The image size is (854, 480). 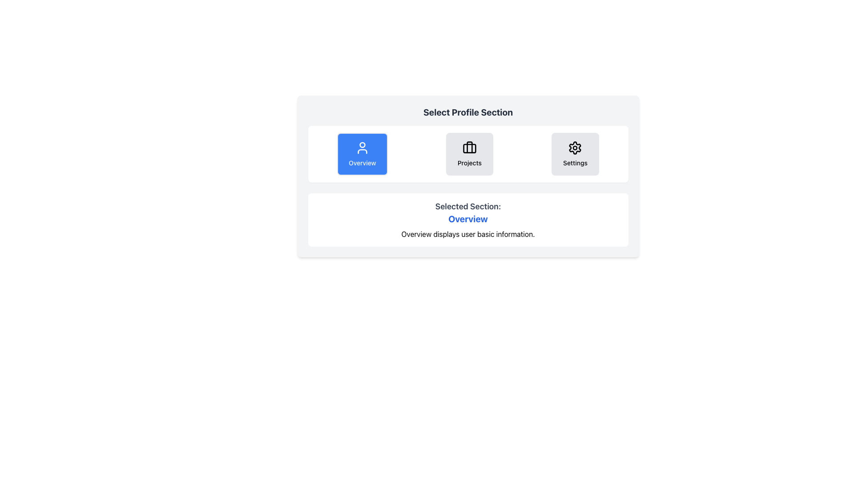 What do you see at coordinates (469, 148) in the screenshot?
I see `the Decorative Graphic Element that enhances the visual representation of the 'Projects' tab, specifically located within the briefcase illustration, below the handle and above the bottom edge` at bounding box center [469, 148].